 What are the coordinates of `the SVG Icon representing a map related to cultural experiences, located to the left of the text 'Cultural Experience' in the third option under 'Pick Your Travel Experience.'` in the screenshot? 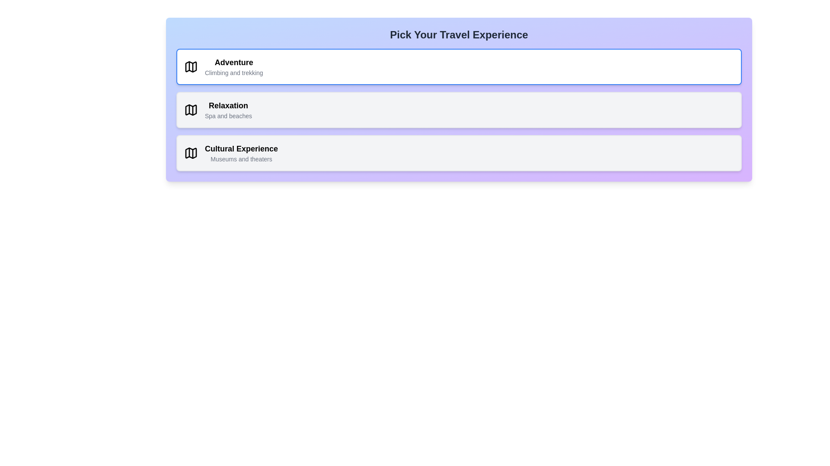 It's located at (190, 152).